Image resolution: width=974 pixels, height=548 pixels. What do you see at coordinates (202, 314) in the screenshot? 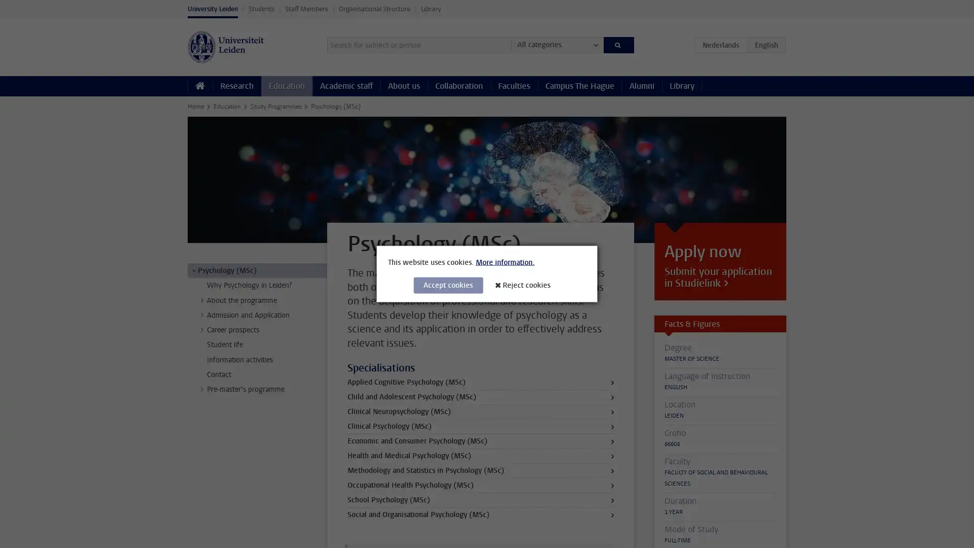
I see `>` at bounding box center [202, 314].